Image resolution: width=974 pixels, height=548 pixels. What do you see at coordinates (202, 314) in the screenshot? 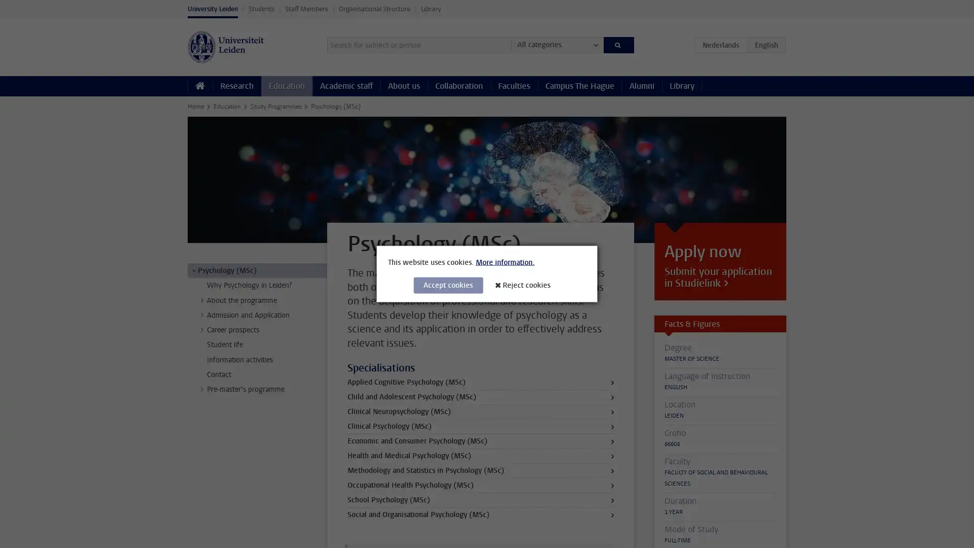
I see `>` at bounding box center [202, 314].